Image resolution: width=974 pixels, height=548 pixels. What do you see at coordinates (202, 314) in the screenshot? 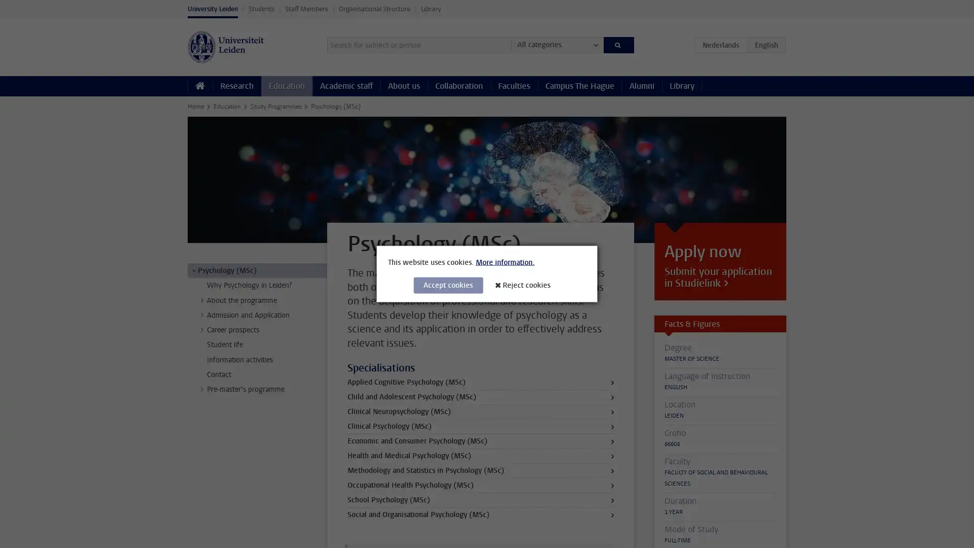
I see `>` at bounding box center [202, 314].